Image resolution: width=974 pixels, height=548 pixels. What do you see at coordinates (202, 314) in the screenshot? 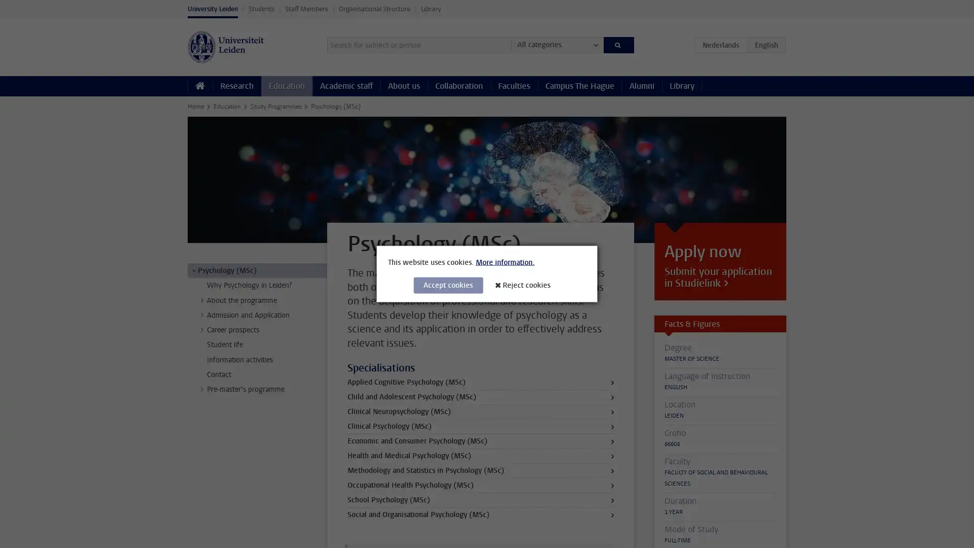
I see `>` at bounding box center [202, 314].